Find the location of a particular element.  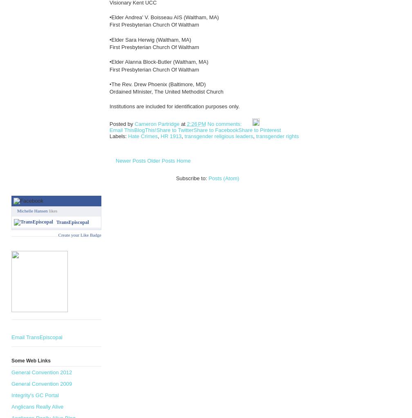

'Integrity's GC Portal' is located at coordinates (35, 395).